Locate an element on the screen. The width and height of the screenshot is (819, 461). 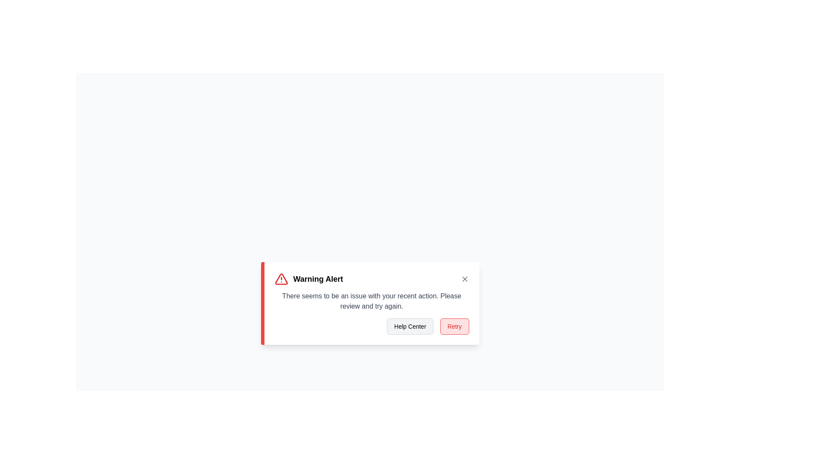
the 'Help Center' button is located at coordinates (410, 326).